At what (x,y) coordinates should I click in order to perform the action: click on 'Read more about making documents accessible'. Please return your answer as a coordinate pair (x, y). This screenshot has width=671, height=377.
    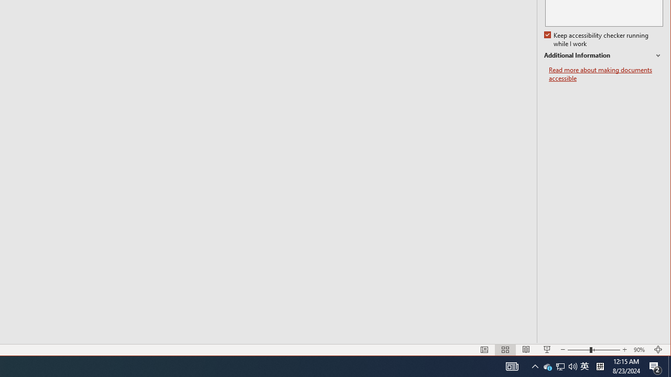
    Looking at the image, I should click on (605, 74).